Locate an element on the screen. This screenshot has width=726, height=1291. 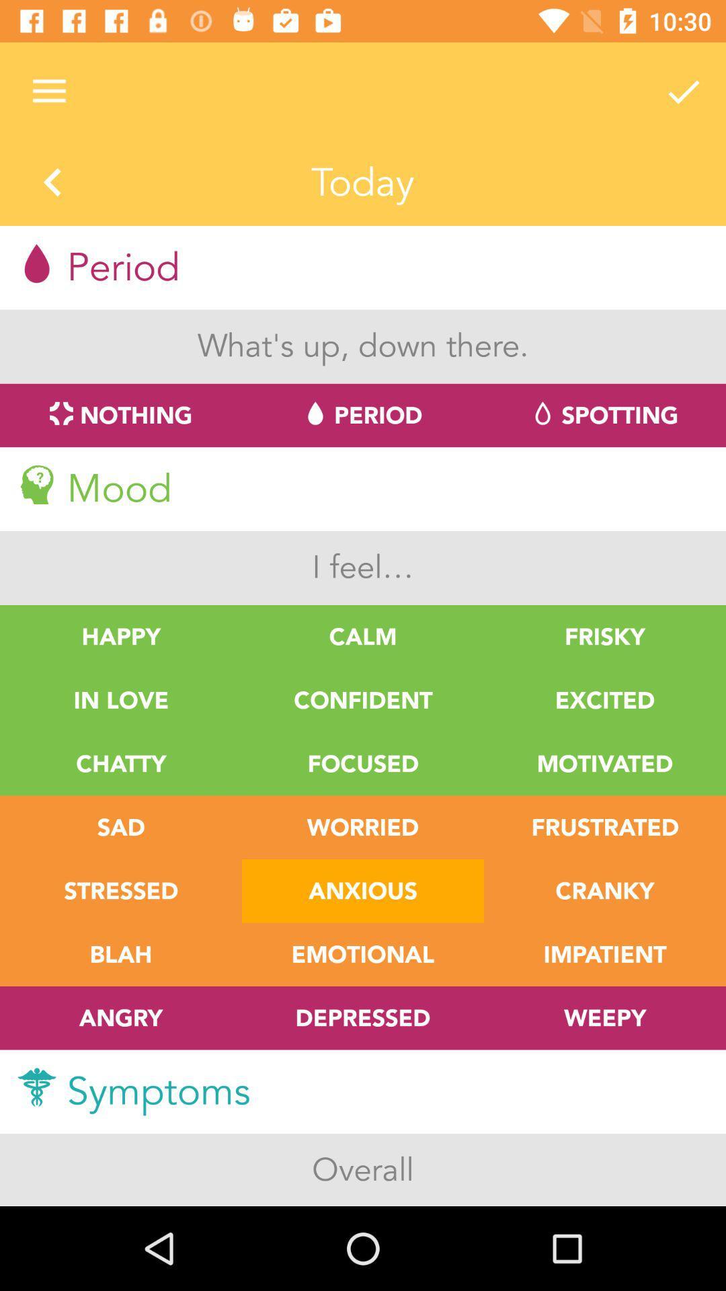
the button below excited is located at coordinates (604, 764).